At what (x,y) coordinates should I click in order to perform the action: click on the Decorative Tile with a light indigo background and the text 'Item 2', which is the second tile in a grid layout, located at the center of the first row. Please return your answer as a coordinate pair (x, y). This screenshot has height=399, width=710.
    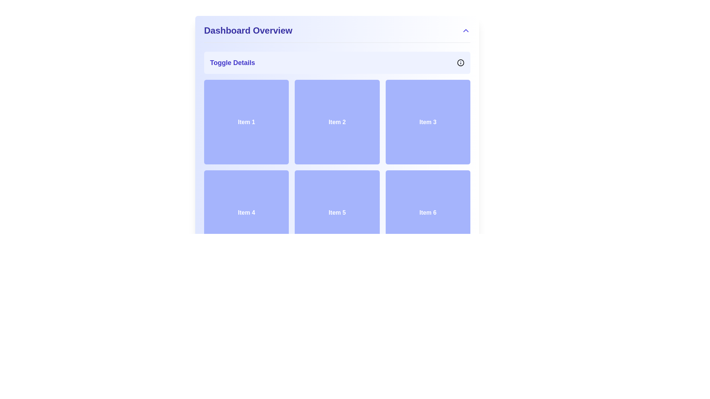
    Looking at the image, I should click on (337, 122).